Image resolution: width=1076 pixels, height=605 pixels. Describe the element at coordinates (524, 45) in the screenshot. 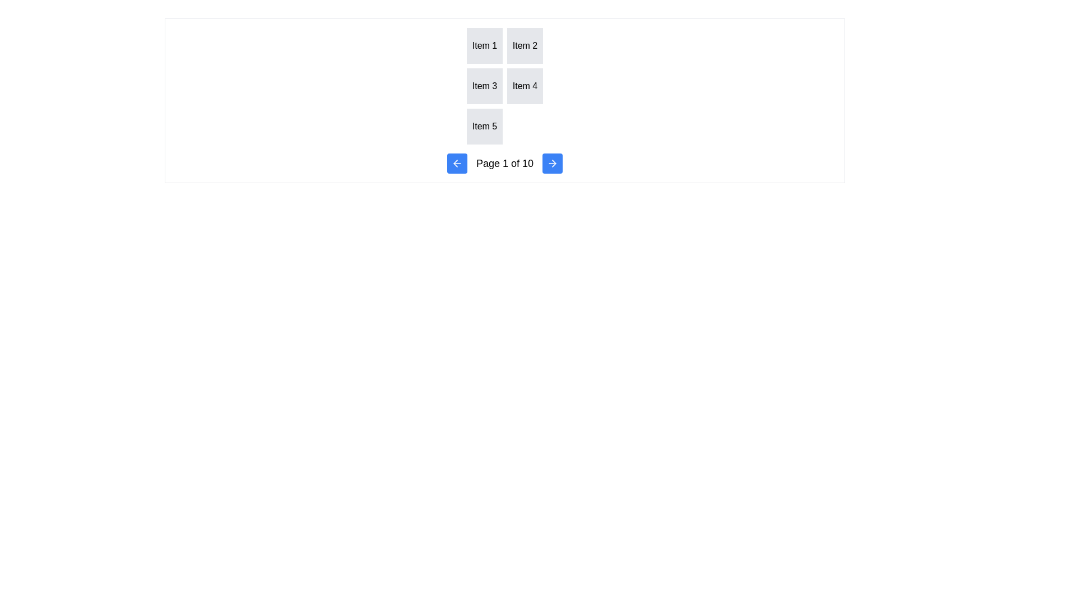

I see `the square-shaped box labeled 'Item 2', which has a light gray background and is styled to appear clickable, located in the first row, second column of the grid layout` at that location.